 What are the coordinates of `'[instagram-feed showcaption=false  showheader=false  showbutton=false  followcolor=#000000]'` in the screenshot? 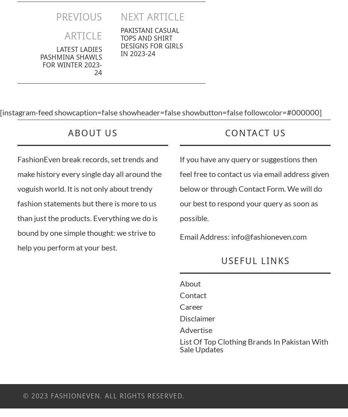 It's located at (160, 112).